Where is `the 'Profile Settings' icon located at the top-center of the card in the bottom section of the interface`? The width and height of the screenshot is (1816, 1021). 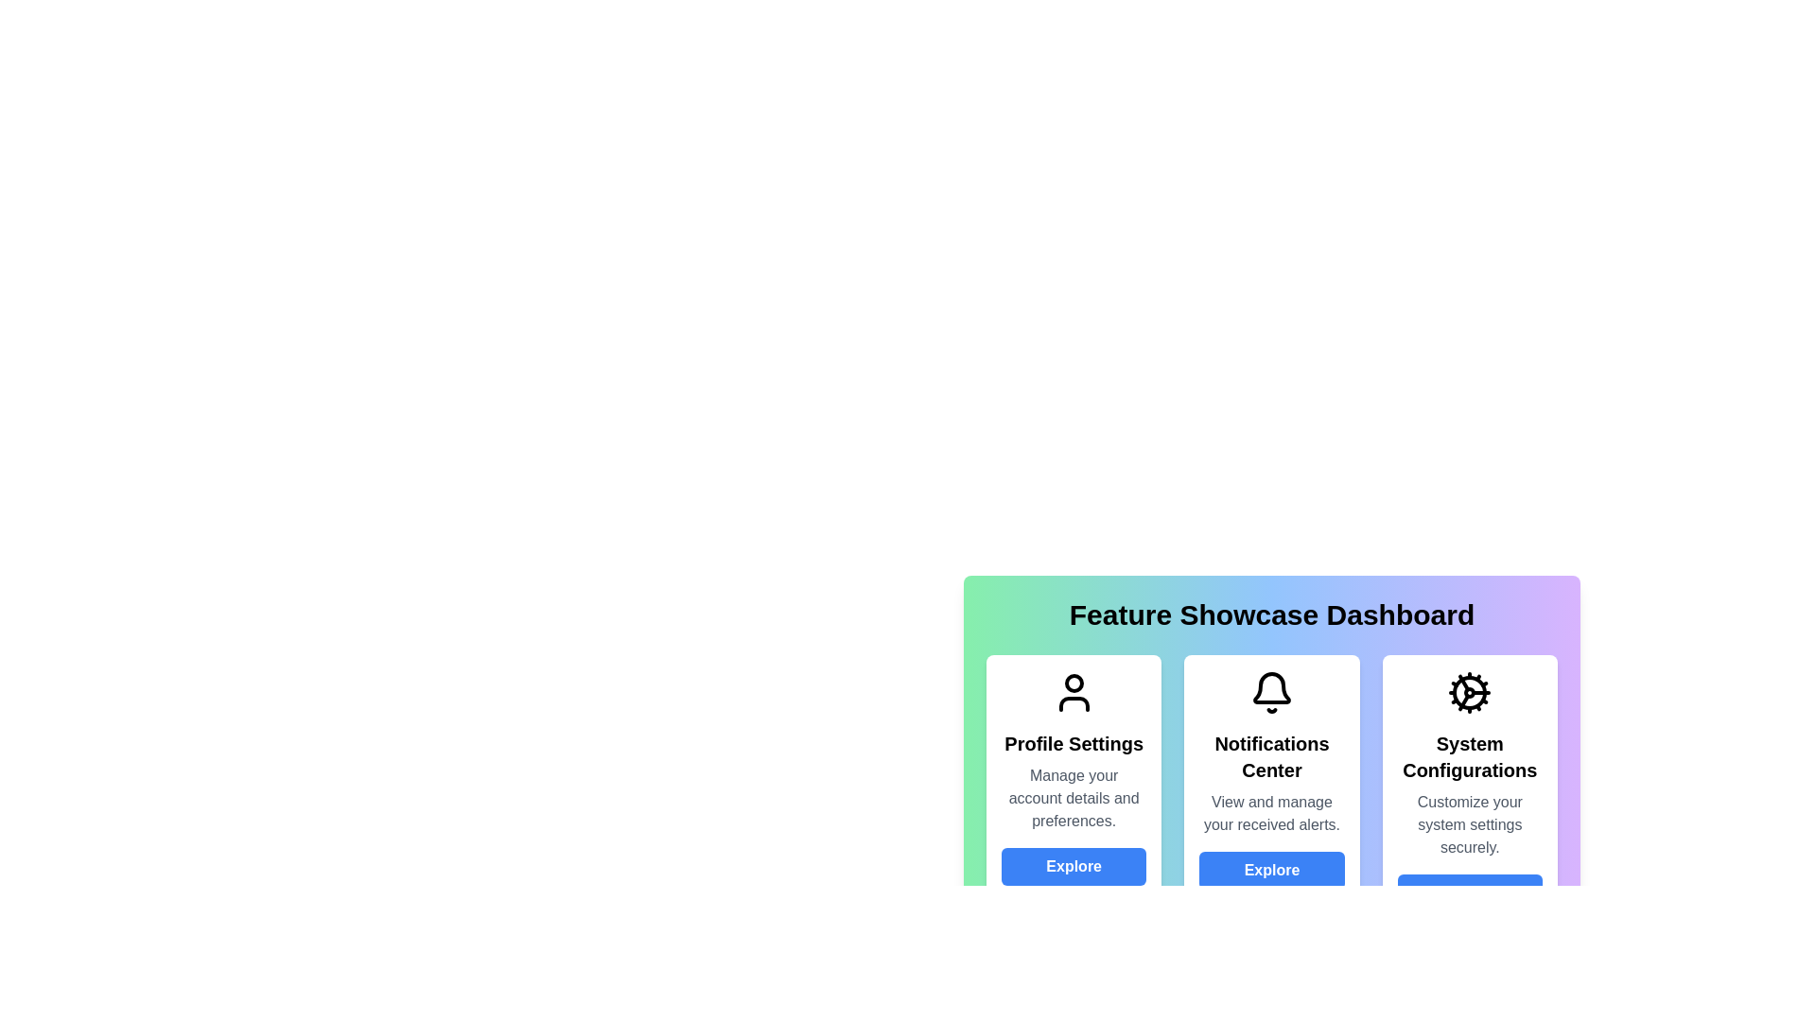 the 'Profile Settings' icon located at the top-center of the card in the bottom section of the interface is located at coordinates (1074, 692).